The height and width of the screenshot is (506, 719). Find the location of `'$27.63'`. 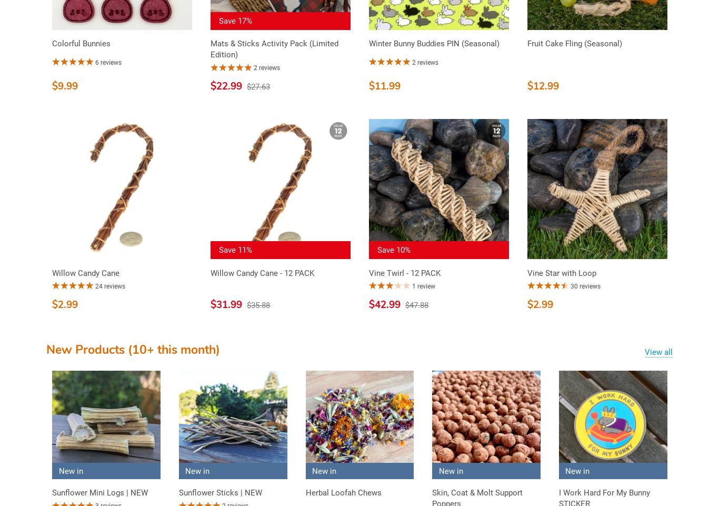

'$27.63' is located at coordinates (258, 87).